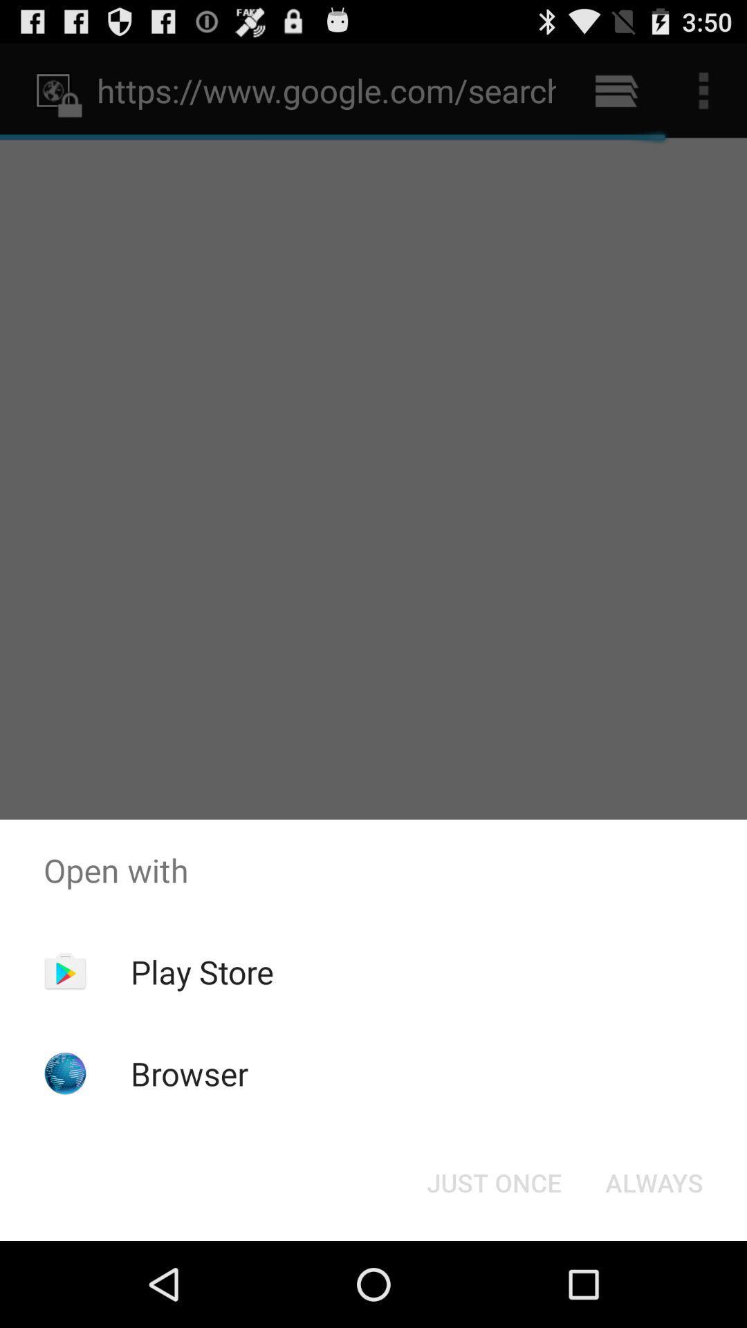  What do you see at coordinates (190, 1073) in the screenshot?
I see `the icon below the play store item` at bounding box center [190, 1073].